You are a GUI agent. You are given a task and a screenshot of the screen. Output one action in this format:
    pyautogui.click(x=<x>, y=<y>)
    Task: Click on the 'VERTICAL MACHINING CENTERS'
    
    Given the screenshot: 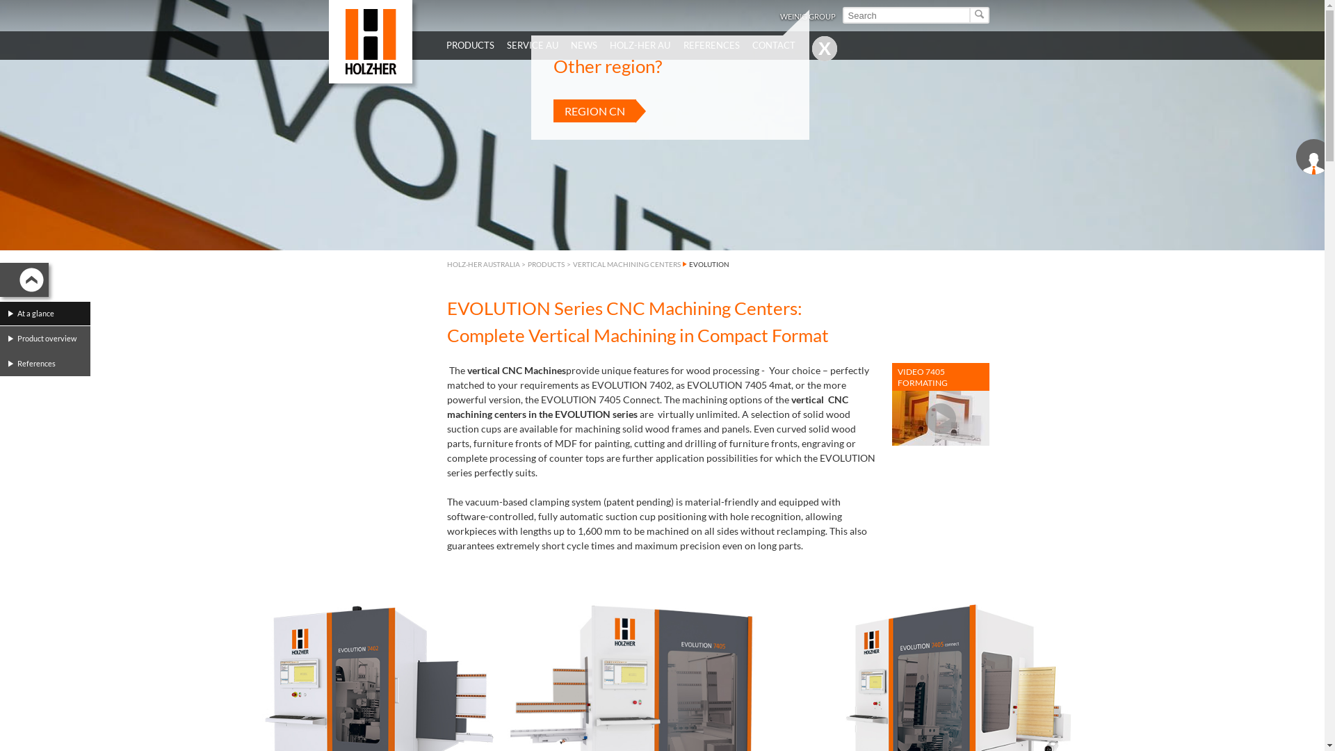 What is the action you would take?
    pyautogui.click(x=626, y=264)
    